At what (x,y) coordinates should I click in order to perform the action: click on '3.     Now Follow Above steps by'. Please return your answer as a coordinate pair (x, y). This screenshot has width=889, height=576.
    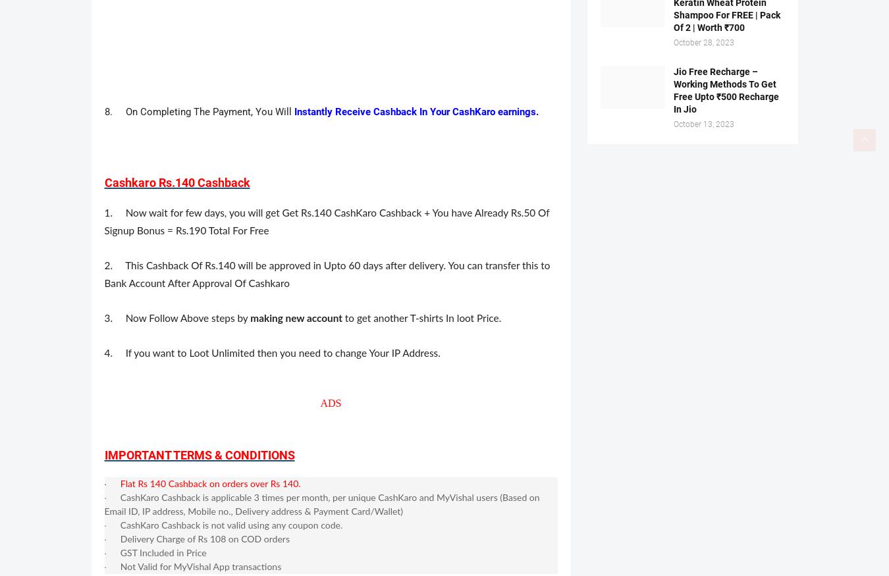
    Looking at the image, I should click on (176, 319).